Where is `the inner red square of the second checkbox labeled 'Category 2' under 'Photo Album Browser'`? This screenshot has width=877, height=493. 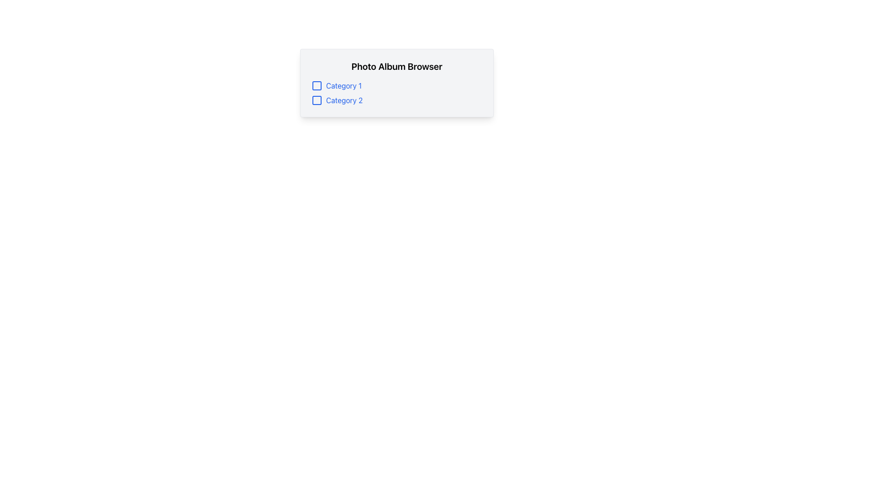 the inner red square of the second checkbox labeled 'Category 2' under 'Photo Album Browser' is located at coordinates (317, 100).